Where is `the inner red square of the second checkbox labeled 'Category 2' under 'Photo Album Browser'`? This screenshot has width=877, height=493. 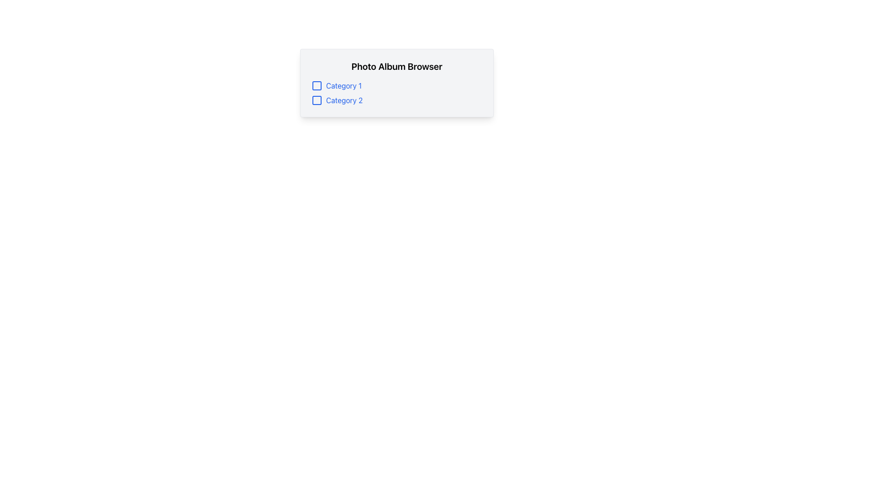 the inner red square of the second checkbox labeled 'Category 2' under 'Photo Album Browser' is located at coordinates (317, 100).